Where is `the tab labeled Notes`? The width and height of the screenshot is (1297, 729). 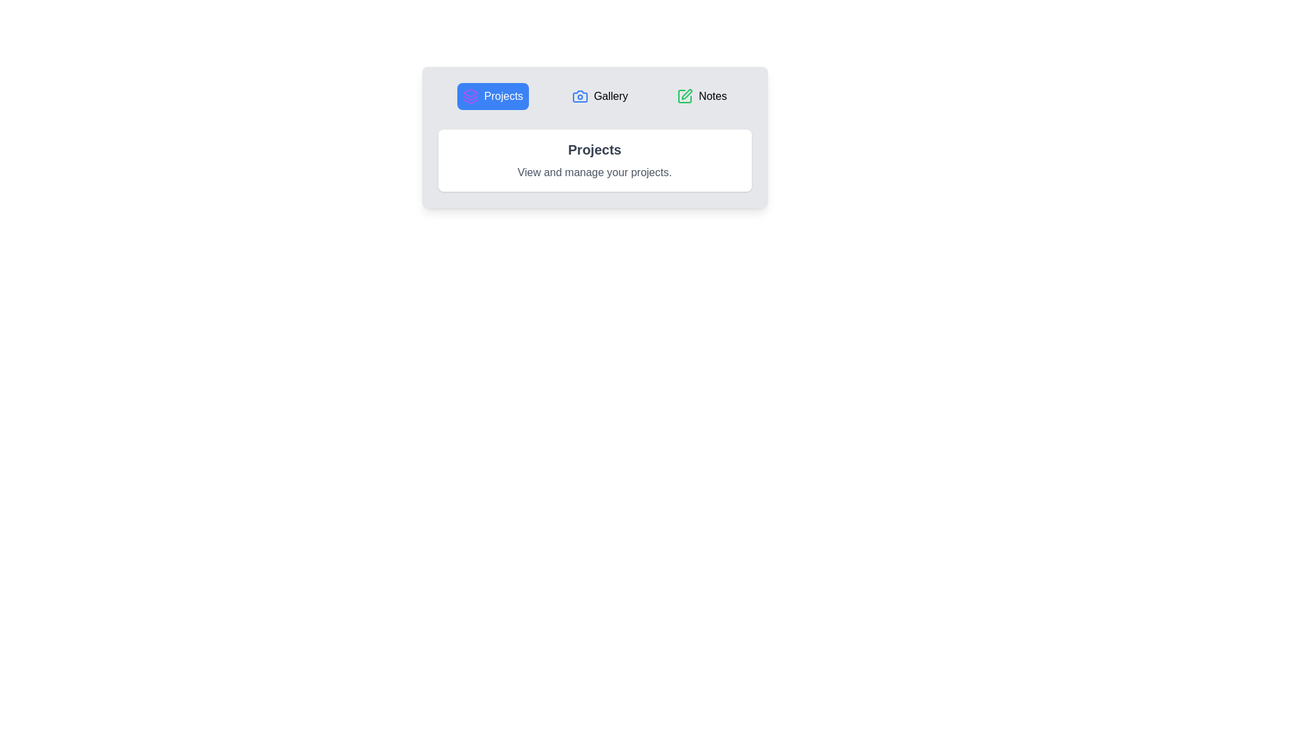
the tab labeled Notes is located at coordinates (702, 95).